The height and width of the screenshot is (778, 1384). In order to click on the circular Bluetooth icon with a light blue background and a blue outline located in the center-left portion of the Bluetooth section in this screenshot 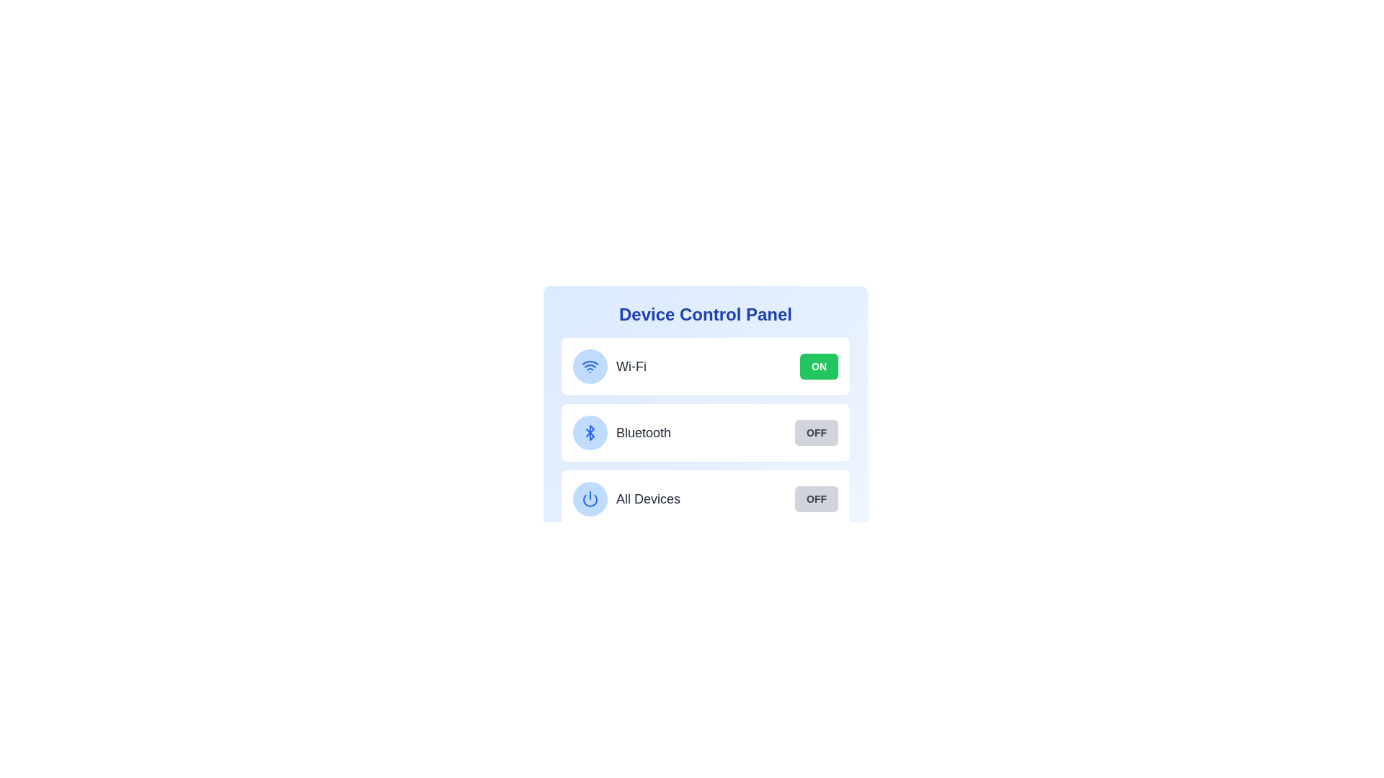, I will do `click(590, 432)`.